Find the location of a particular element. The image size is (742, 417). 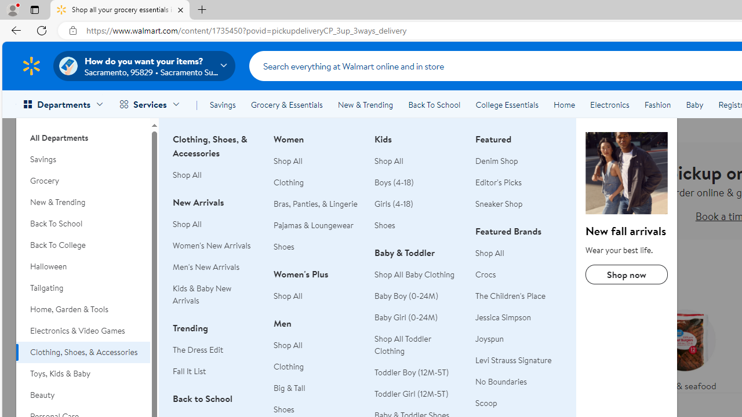

'Big & Tall' is located at coordinates (289, 387).